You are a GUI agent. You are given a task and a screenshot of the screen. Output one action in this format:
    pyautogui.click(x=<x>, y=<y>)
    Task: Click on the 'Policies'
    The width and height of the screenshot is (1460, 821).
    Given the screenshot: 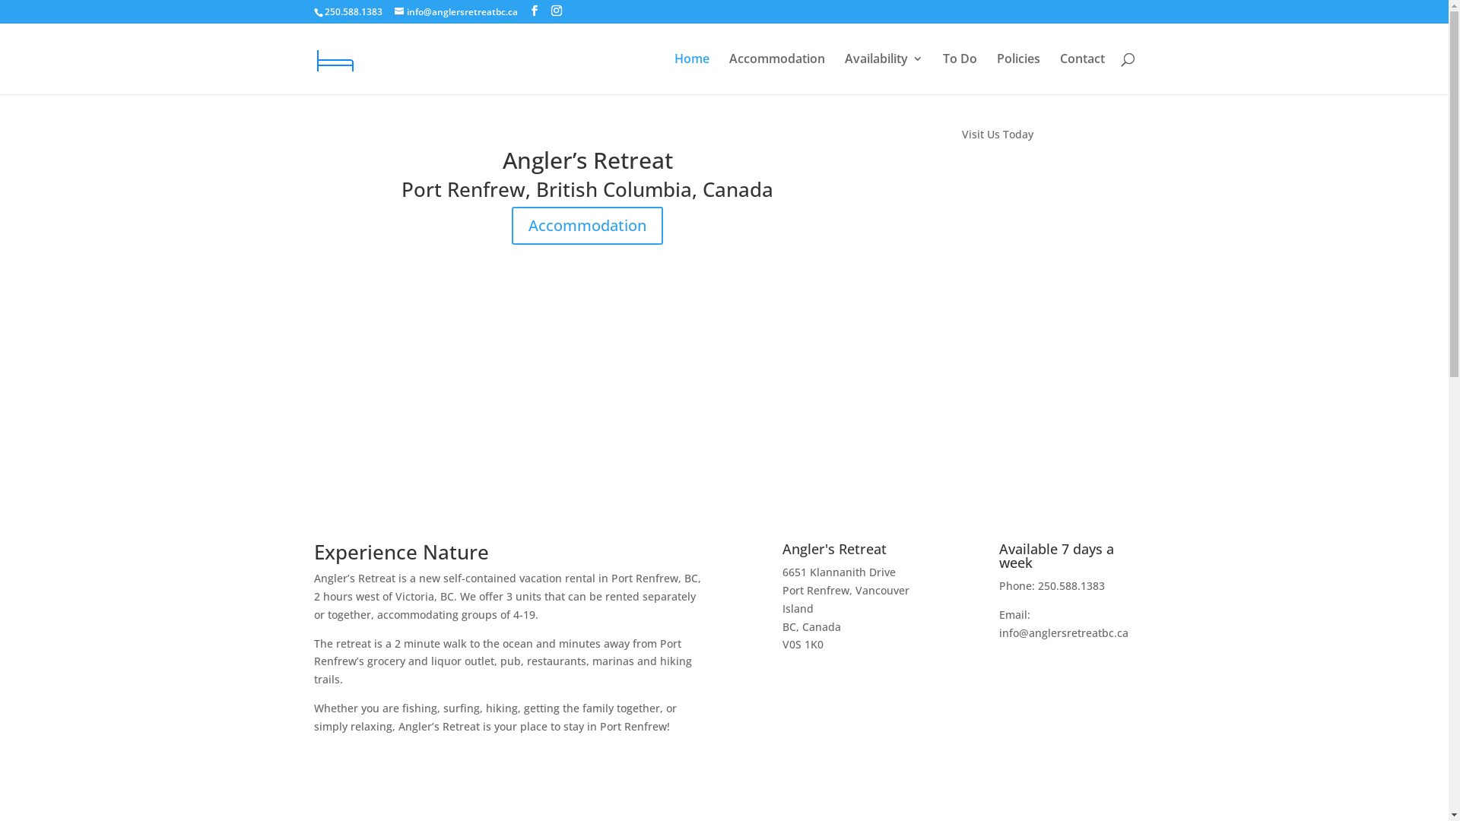 What is the action you would take?
    pyautogui.click(x=1017, y=73)
    